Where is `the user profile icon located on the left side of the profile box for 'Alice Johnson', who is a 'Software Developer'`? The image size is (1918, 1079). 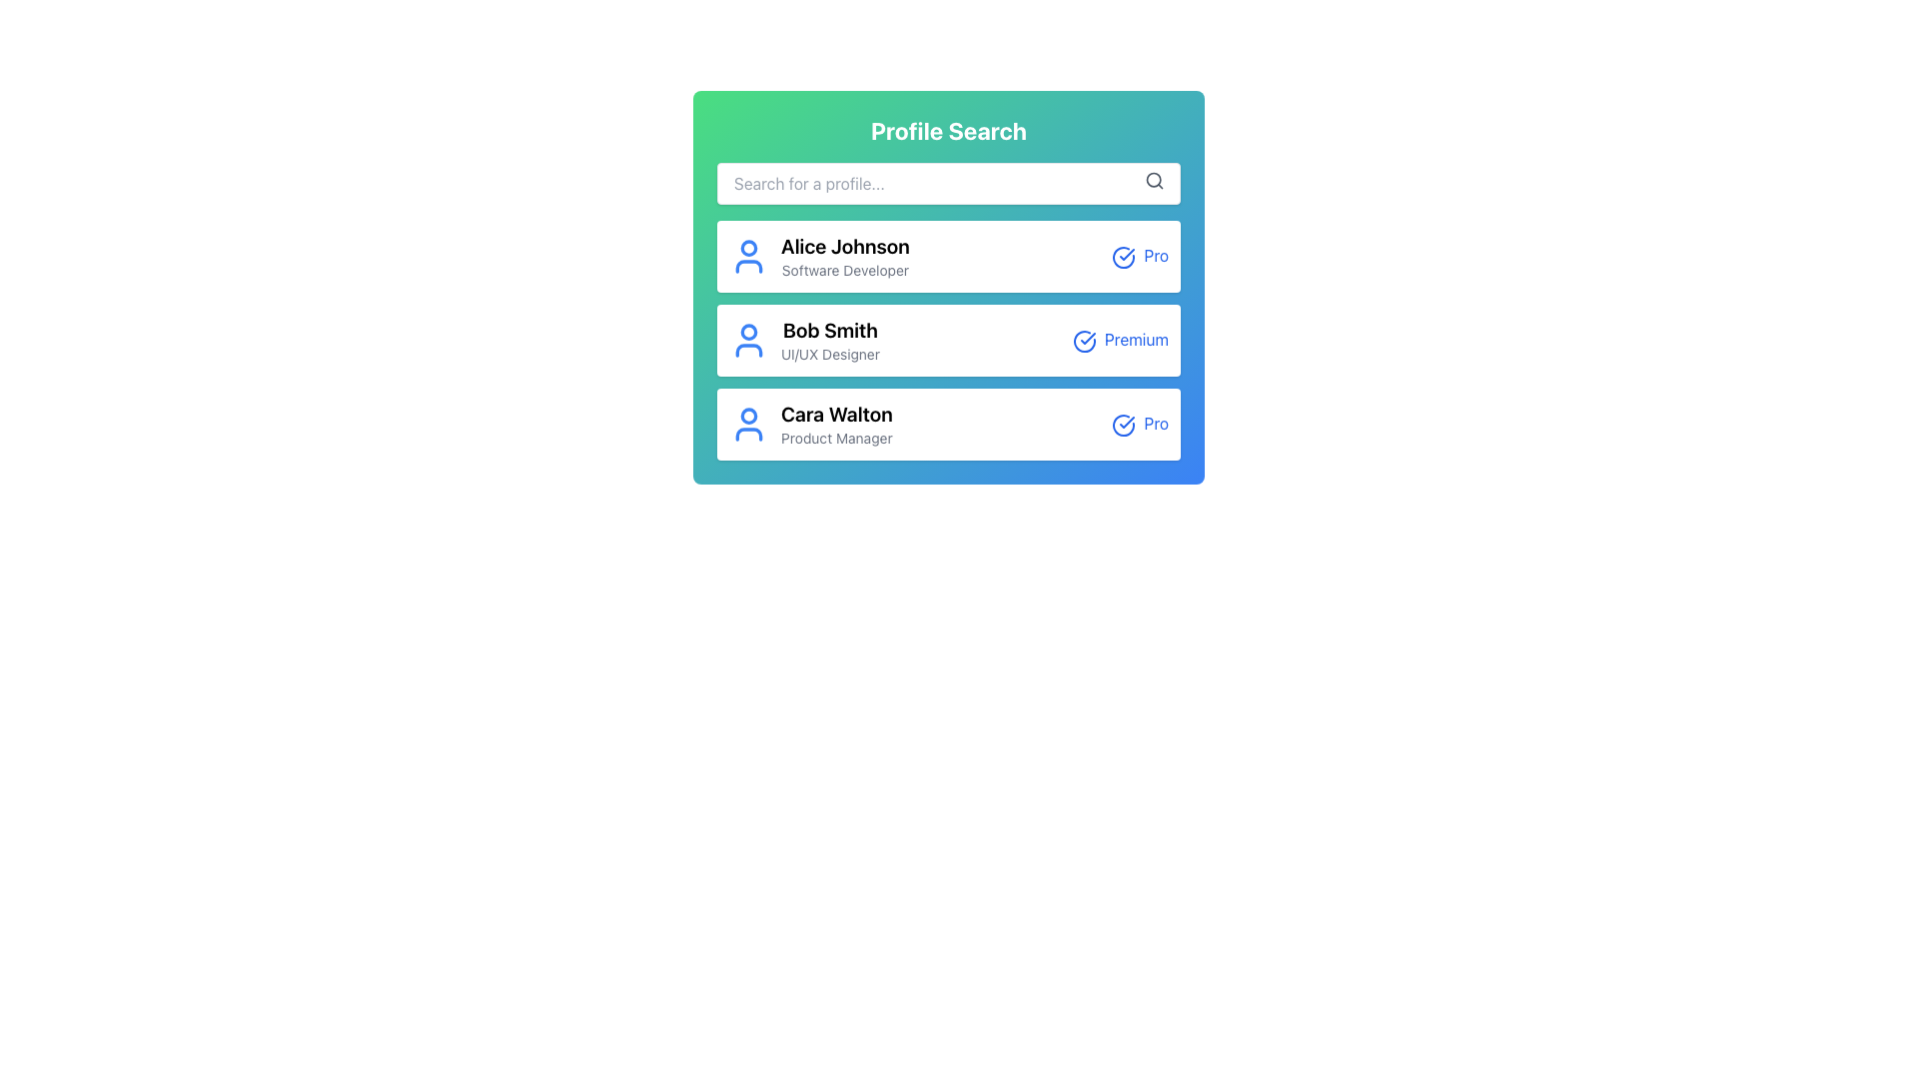 the user profile icon located on the left side of the profile box for 'Alice Johnson', who is a 'Software Developer' is located at coordinates (747, 256).